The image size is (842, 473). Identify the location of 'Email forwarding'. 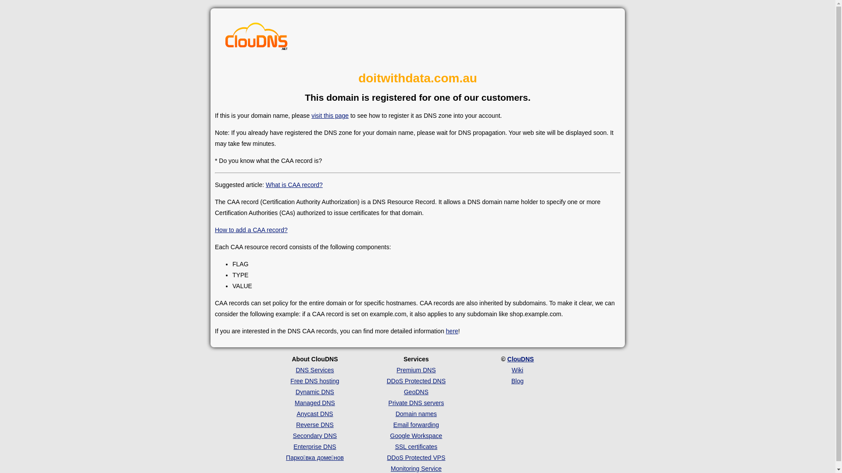
(393, 424).